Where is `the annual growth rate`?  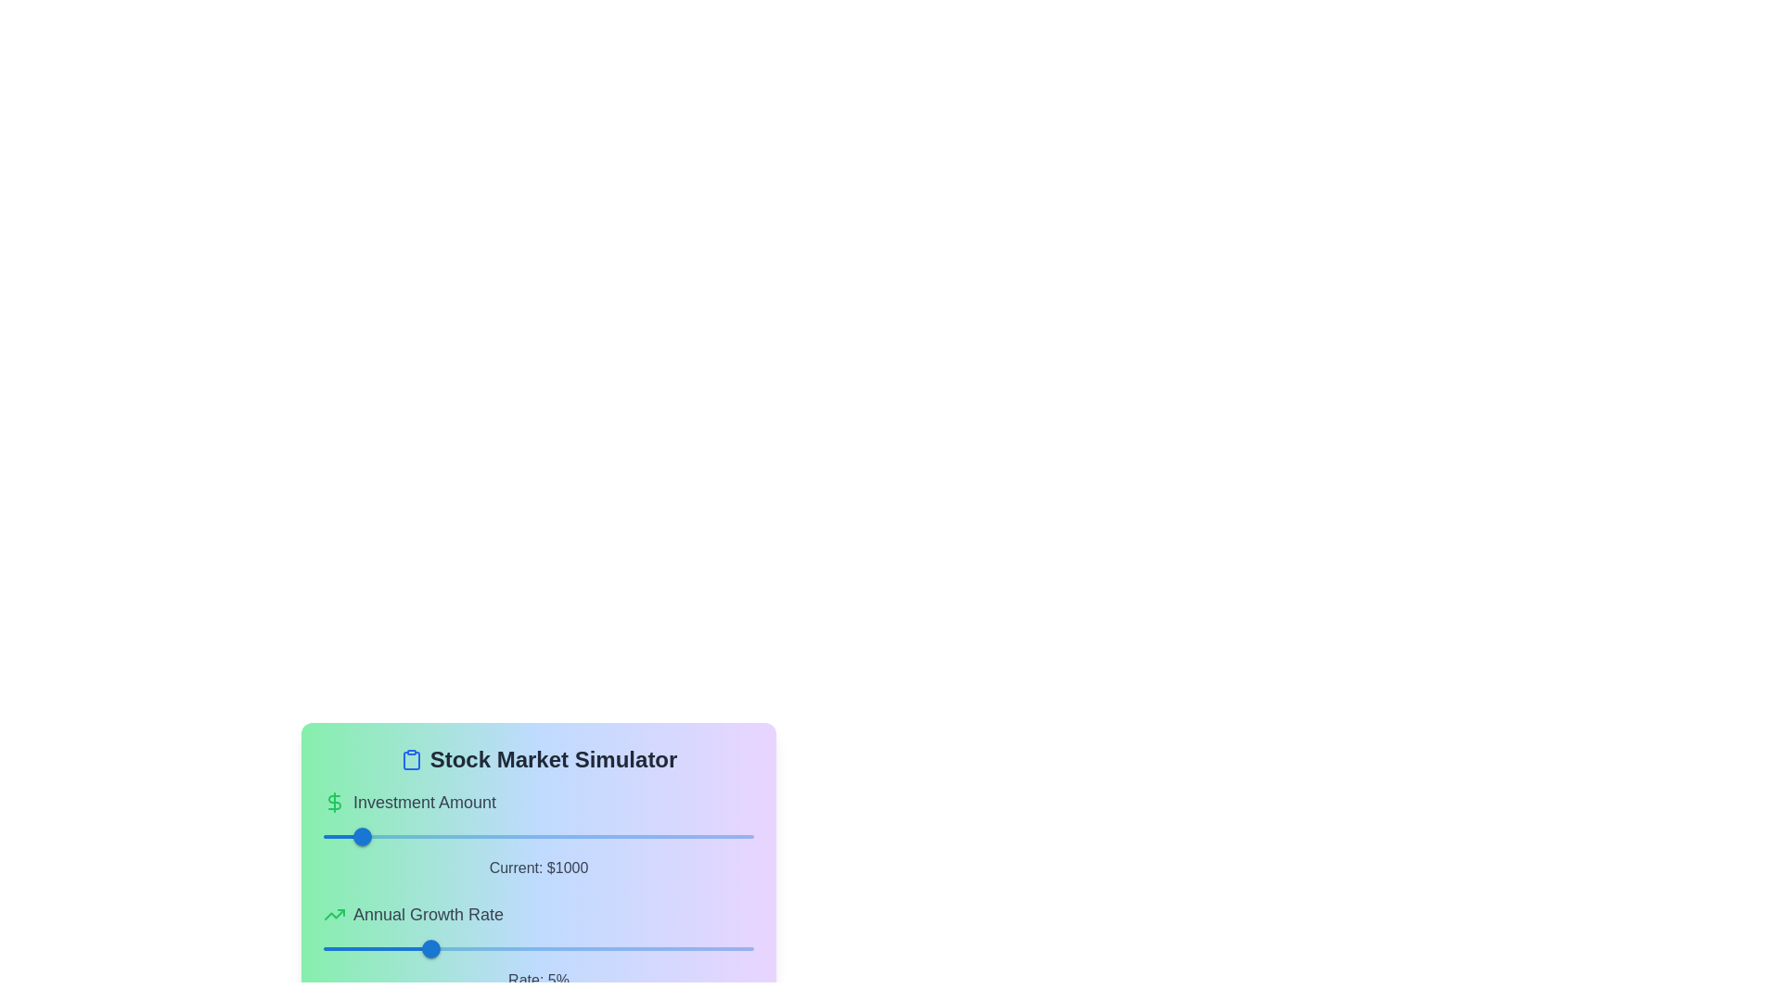 the annual growth rate is located at coordinates (546, 948).